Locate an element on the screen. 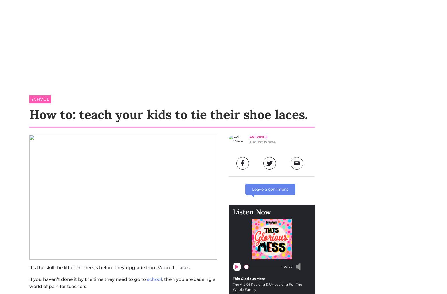 Image resolution: width=447 pixels, height=294 pixels. 'Newsletters' is located at coordinates (380, 40).